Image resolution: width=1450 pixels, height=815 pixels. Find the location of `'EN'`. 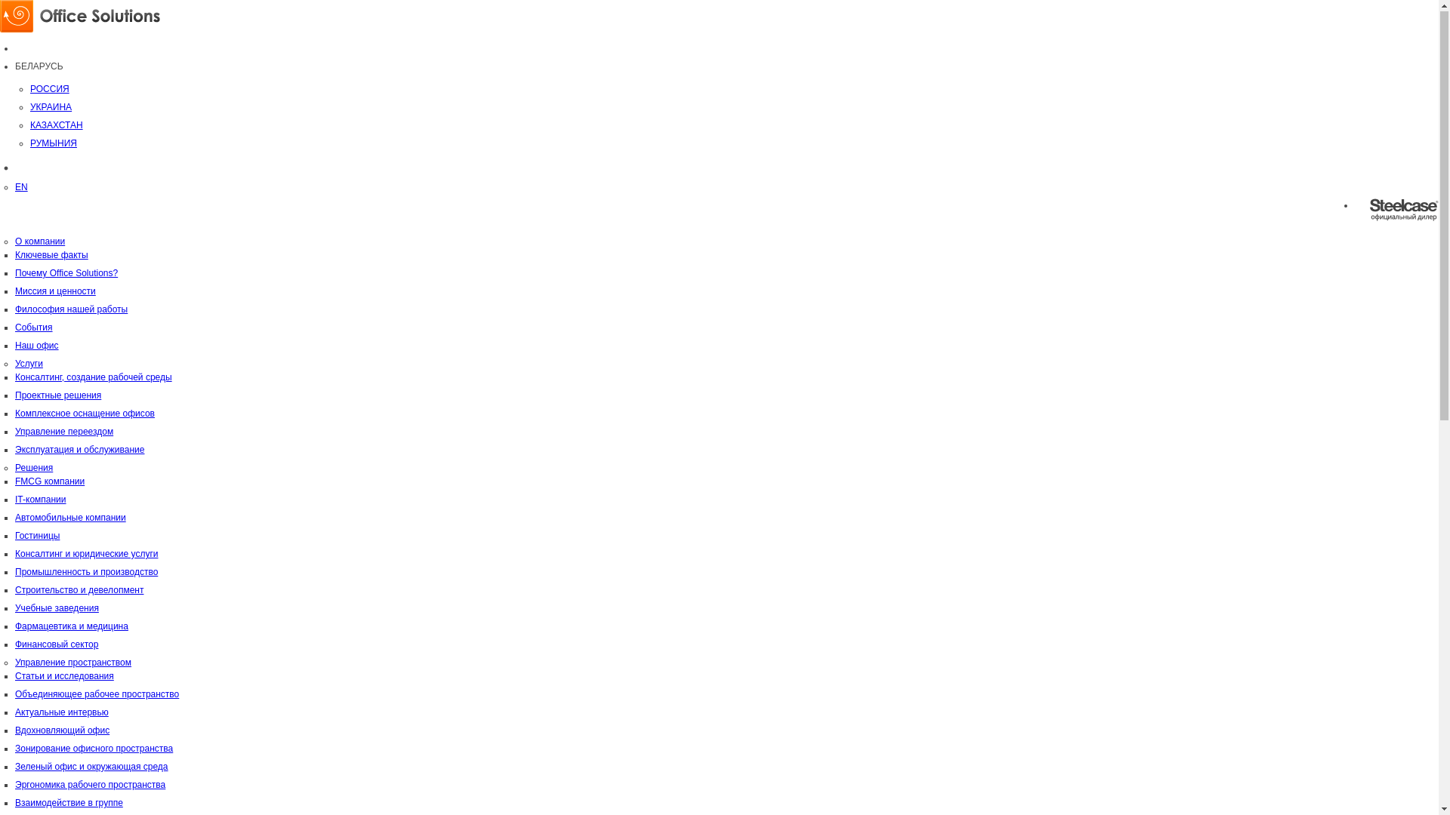

'EN' is located at coordinates (21, 187).